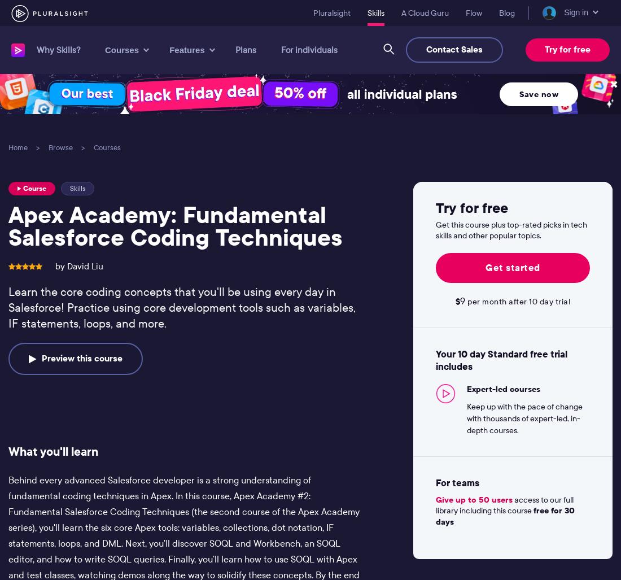 This screenshot has height=580, width=621. I want to click on 'Features', so click(187, 49).